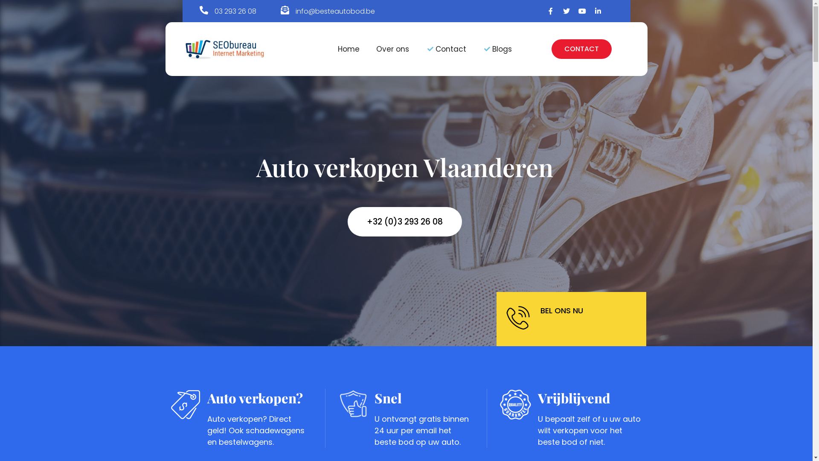  What do you see at coordinates (392, 49) in the screenshot?
I see `'Over ons'` at bounding box center [392, 49].